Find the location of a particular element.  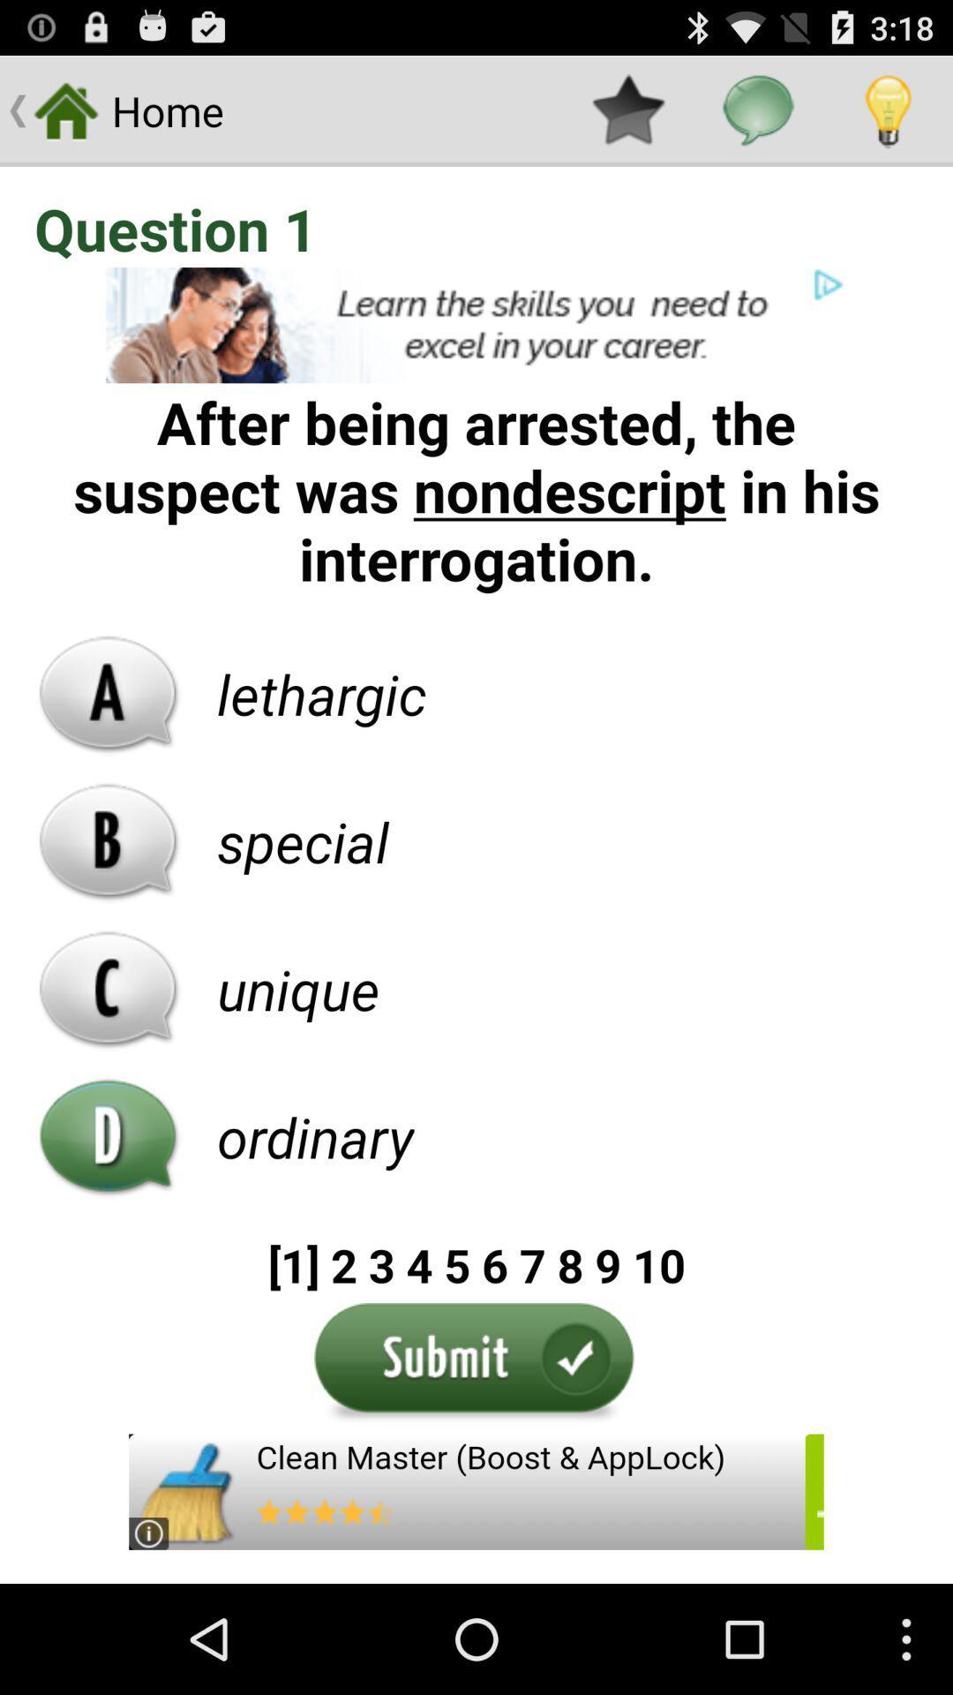

icon left to lethargic is located at coordinates (109, 693).